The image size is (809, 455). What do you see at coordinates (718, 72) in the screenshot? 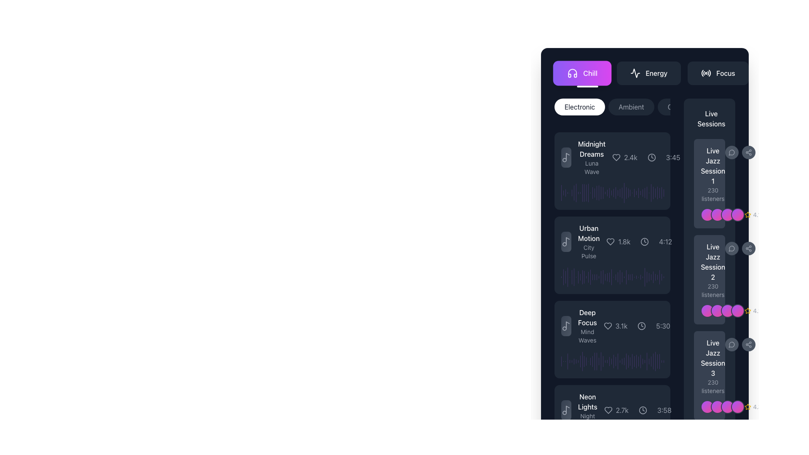
I see `the 'Focus' button located at the rightmost end of a row of three buttons to apply the 'Focus' filter` at bounding box center [718, 72].